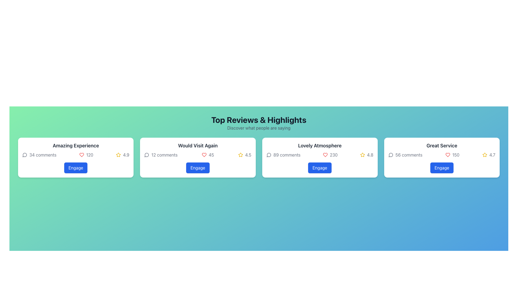  Describe the element at coordinates (76, 145) in the screenshot. I see `text label displaying 'Amazing Experience' located at the top center of the leftmost card in a group of cards` at that location.